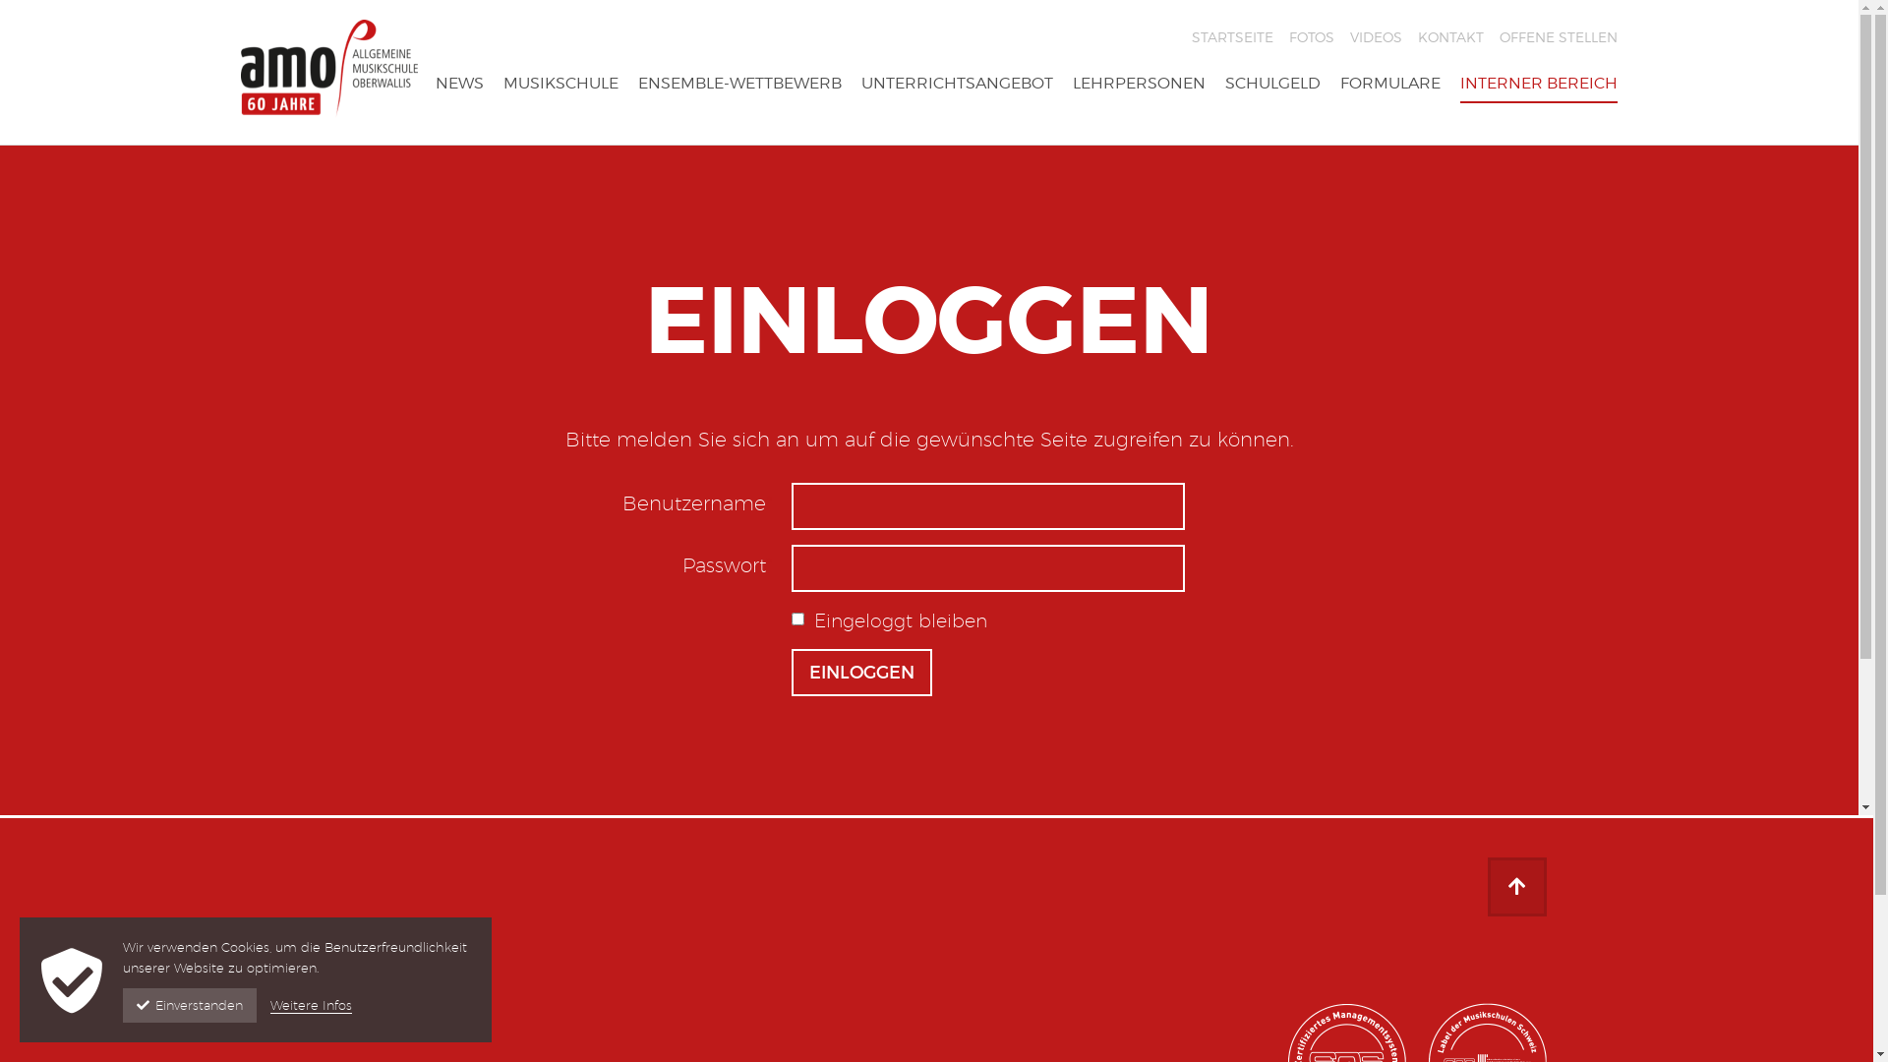 Image resolution: width=1888 pixels, height=1062 pixels. I want to click on 'STARTSEITE', so click(1231, 37).